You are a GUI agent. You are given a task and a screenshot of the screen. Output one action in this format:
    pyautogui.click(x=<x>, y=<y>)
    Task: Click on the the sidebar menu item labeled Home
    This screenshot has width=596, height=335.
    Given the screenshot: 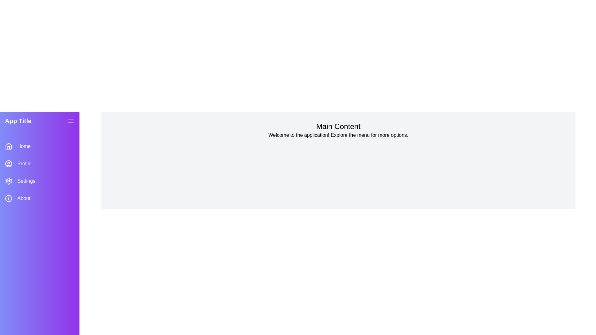 What is the action you would take?
    pyautogui.click(x=39, y=146)
    